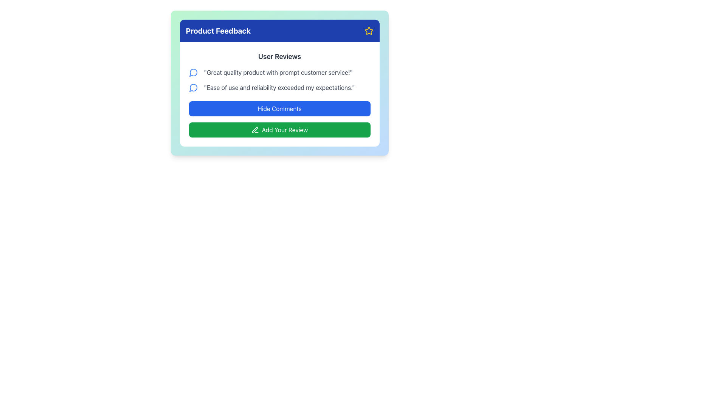 The width and height of the screenshot is (726, 408). What do you see at coordinates (279, 87) in the screenshot?
I see `the second user review in the 'User Reviews' section, which displays feedback about the product or service` at bounding box center [279, 87].